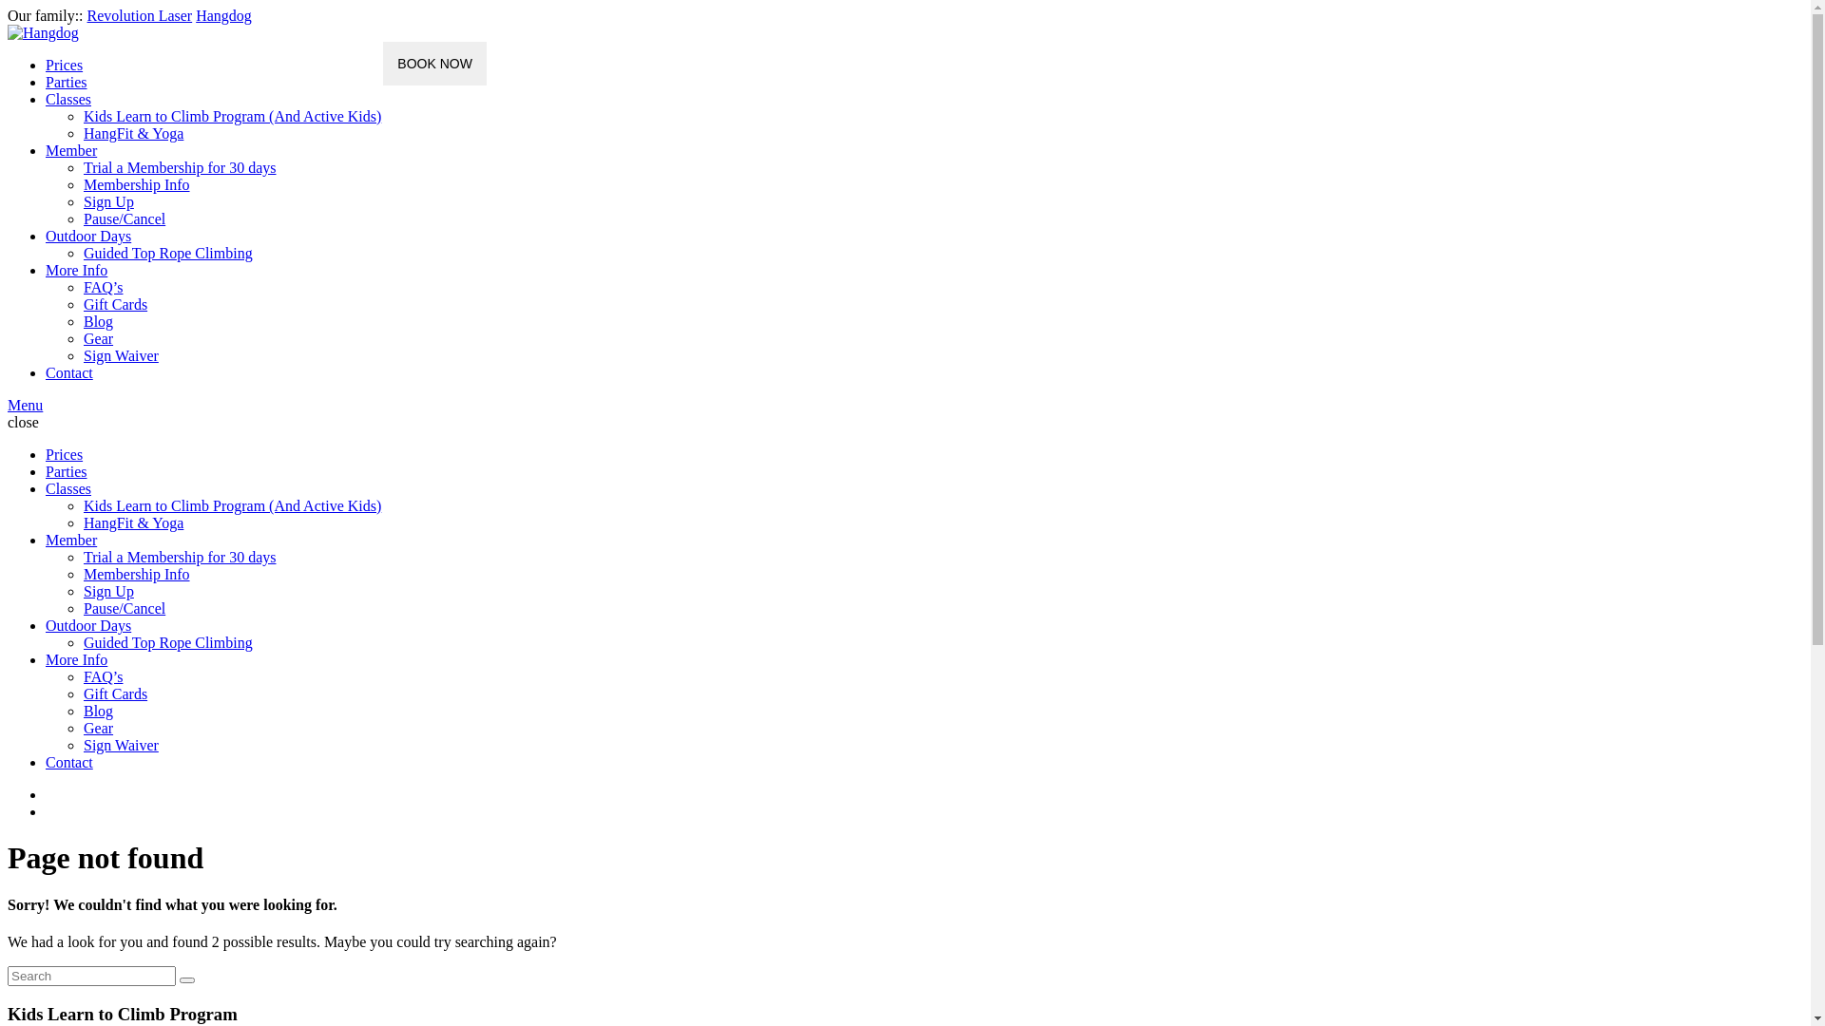 This screenshot has width=1825, height=1026. I want to click on 'close', so click(23, 421).